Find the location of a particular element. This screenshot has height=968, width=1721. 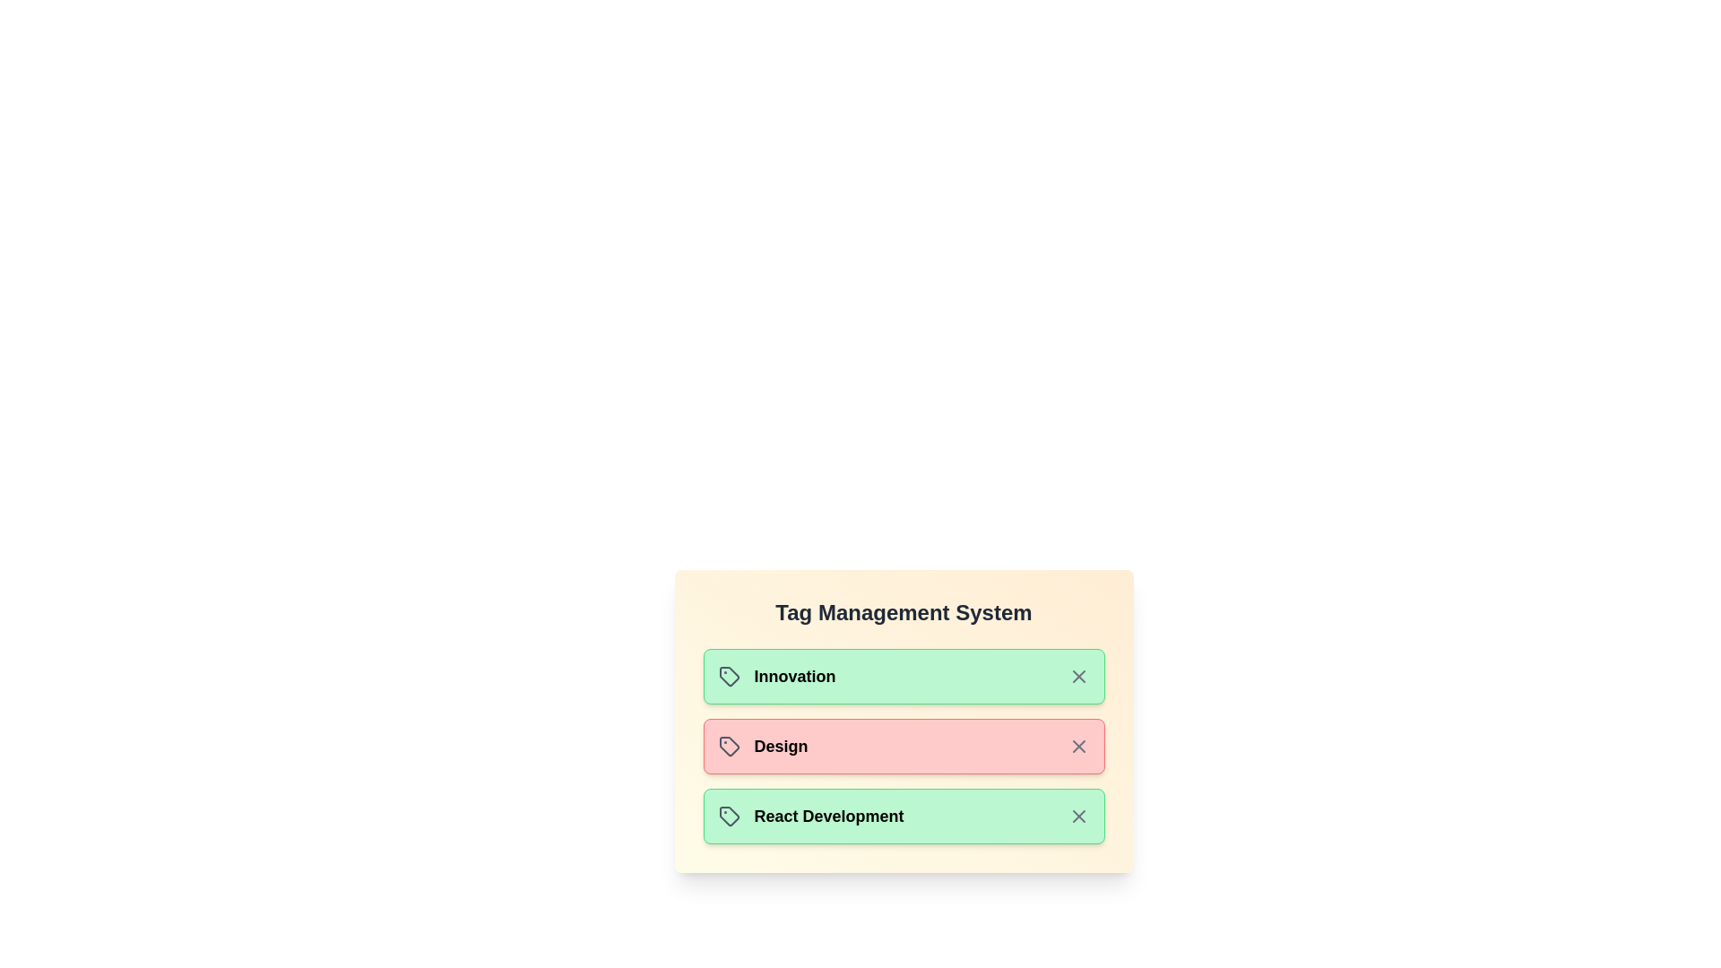

the close button of the tag labeled 'Design' to remove it is located at coordinates (1077, 747).